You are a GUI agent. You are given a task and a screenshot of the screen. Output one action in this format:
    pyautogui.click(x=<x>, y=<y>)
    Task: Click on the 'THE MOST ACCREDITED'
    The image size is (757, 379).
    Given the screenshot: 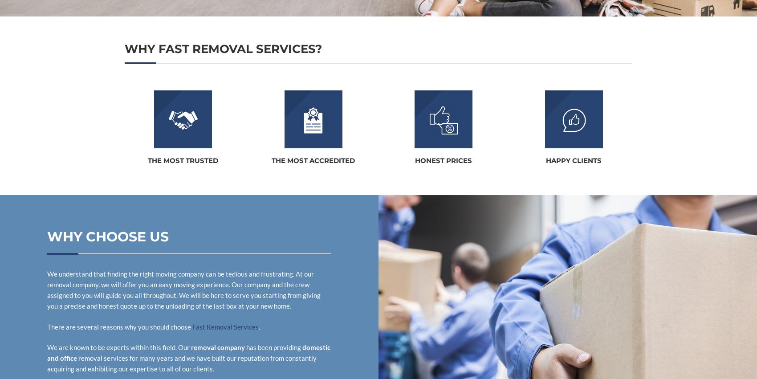 What is the action you would take?
    pyautogui.click(x=271, y=160)
    